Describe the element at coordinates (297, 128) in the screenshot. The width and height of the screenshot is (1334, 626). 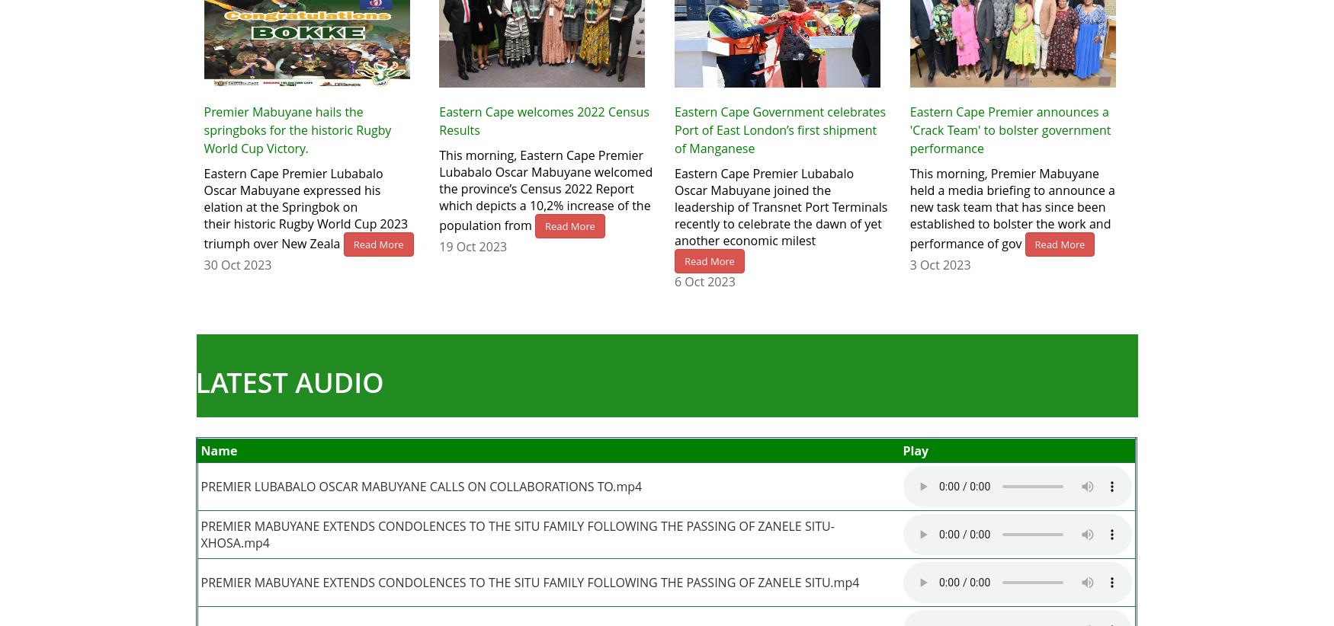
I see `'Premier Mabuyane hails the springboks for the historic Rugby World Cup Victory.'` at that location.